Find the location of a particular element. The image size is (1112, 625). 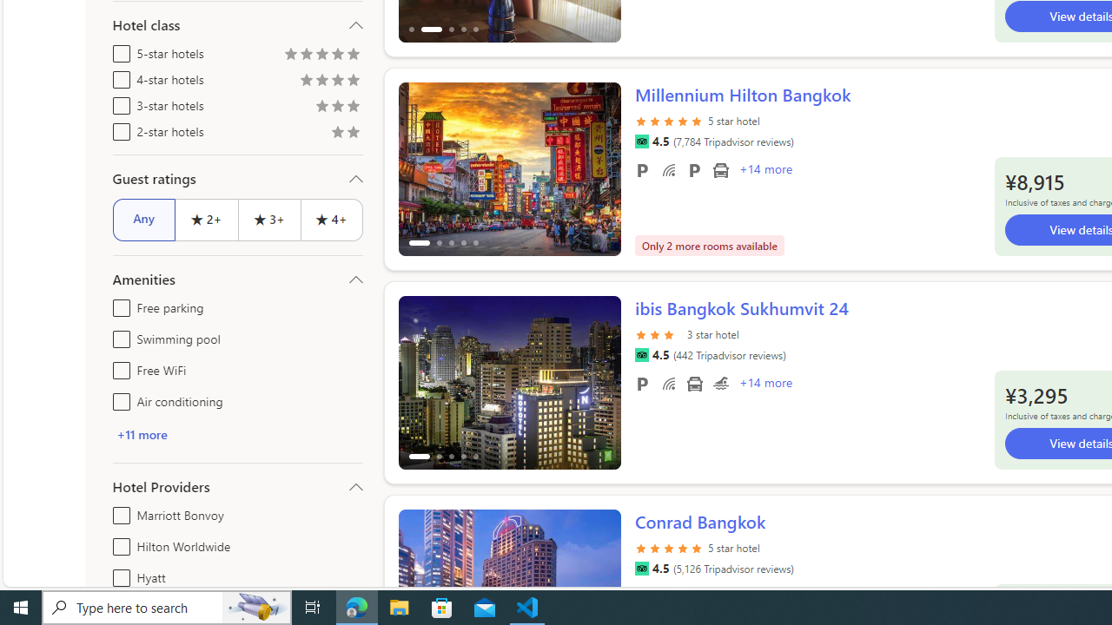

'Any' is located at coordinates (143, 219).